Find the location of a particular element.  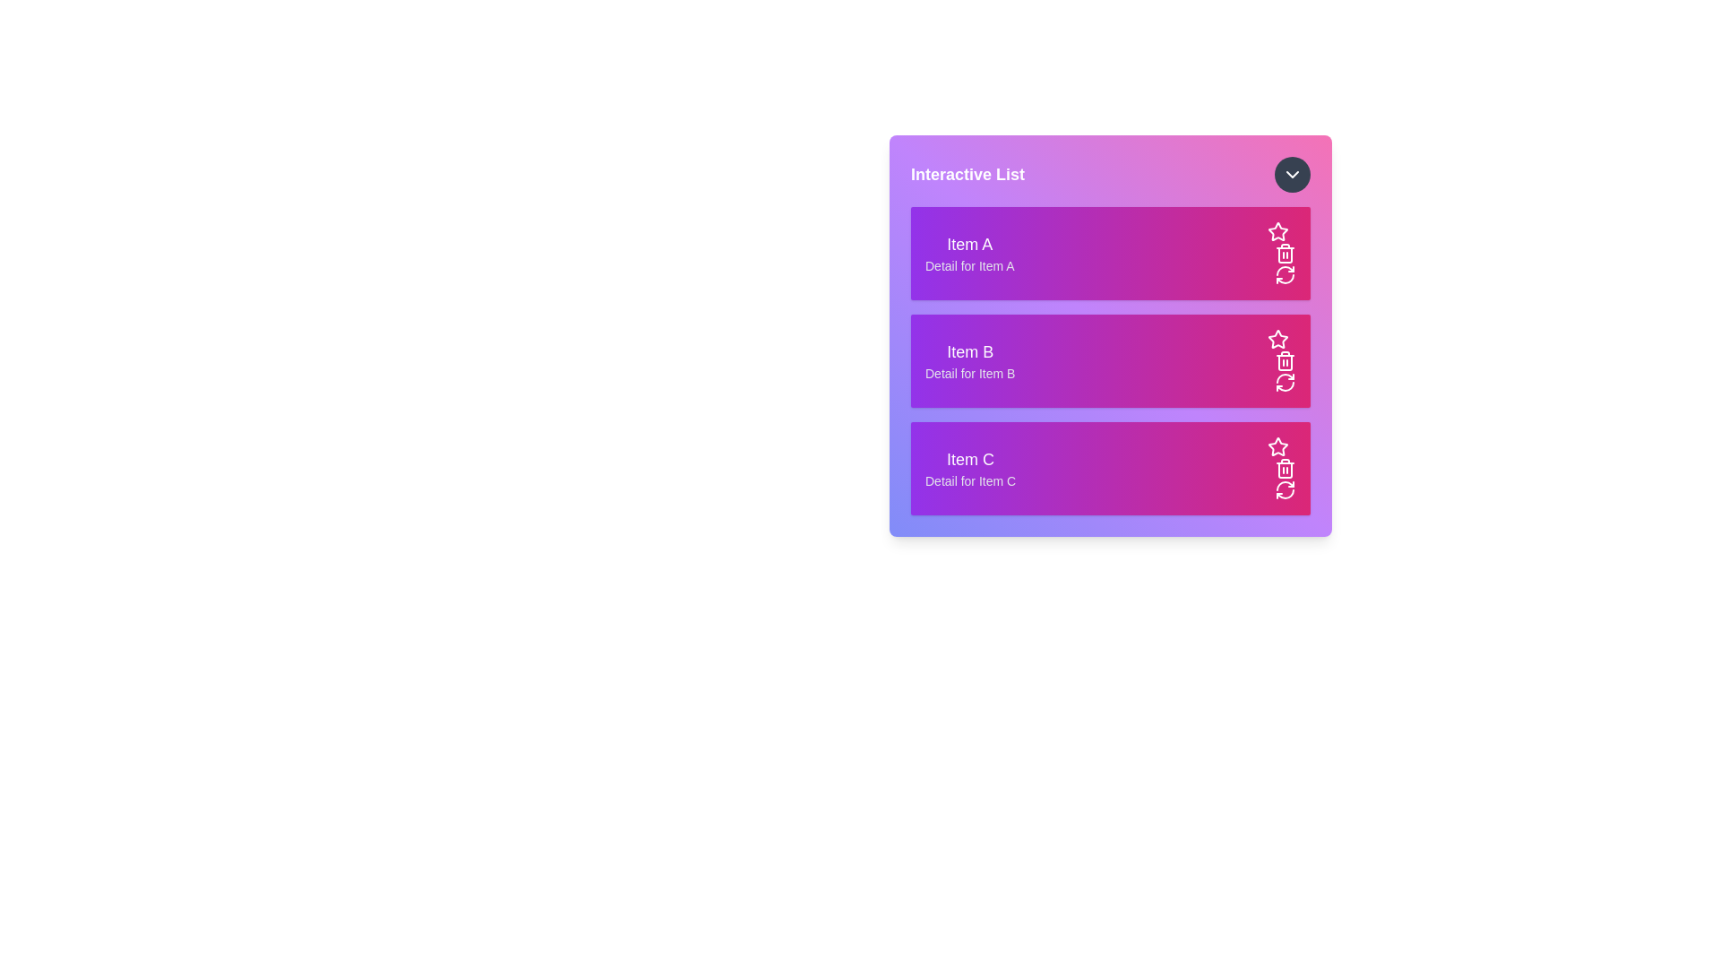

the trash icon to delete the item Item A is located at coordinates (1285, 253).